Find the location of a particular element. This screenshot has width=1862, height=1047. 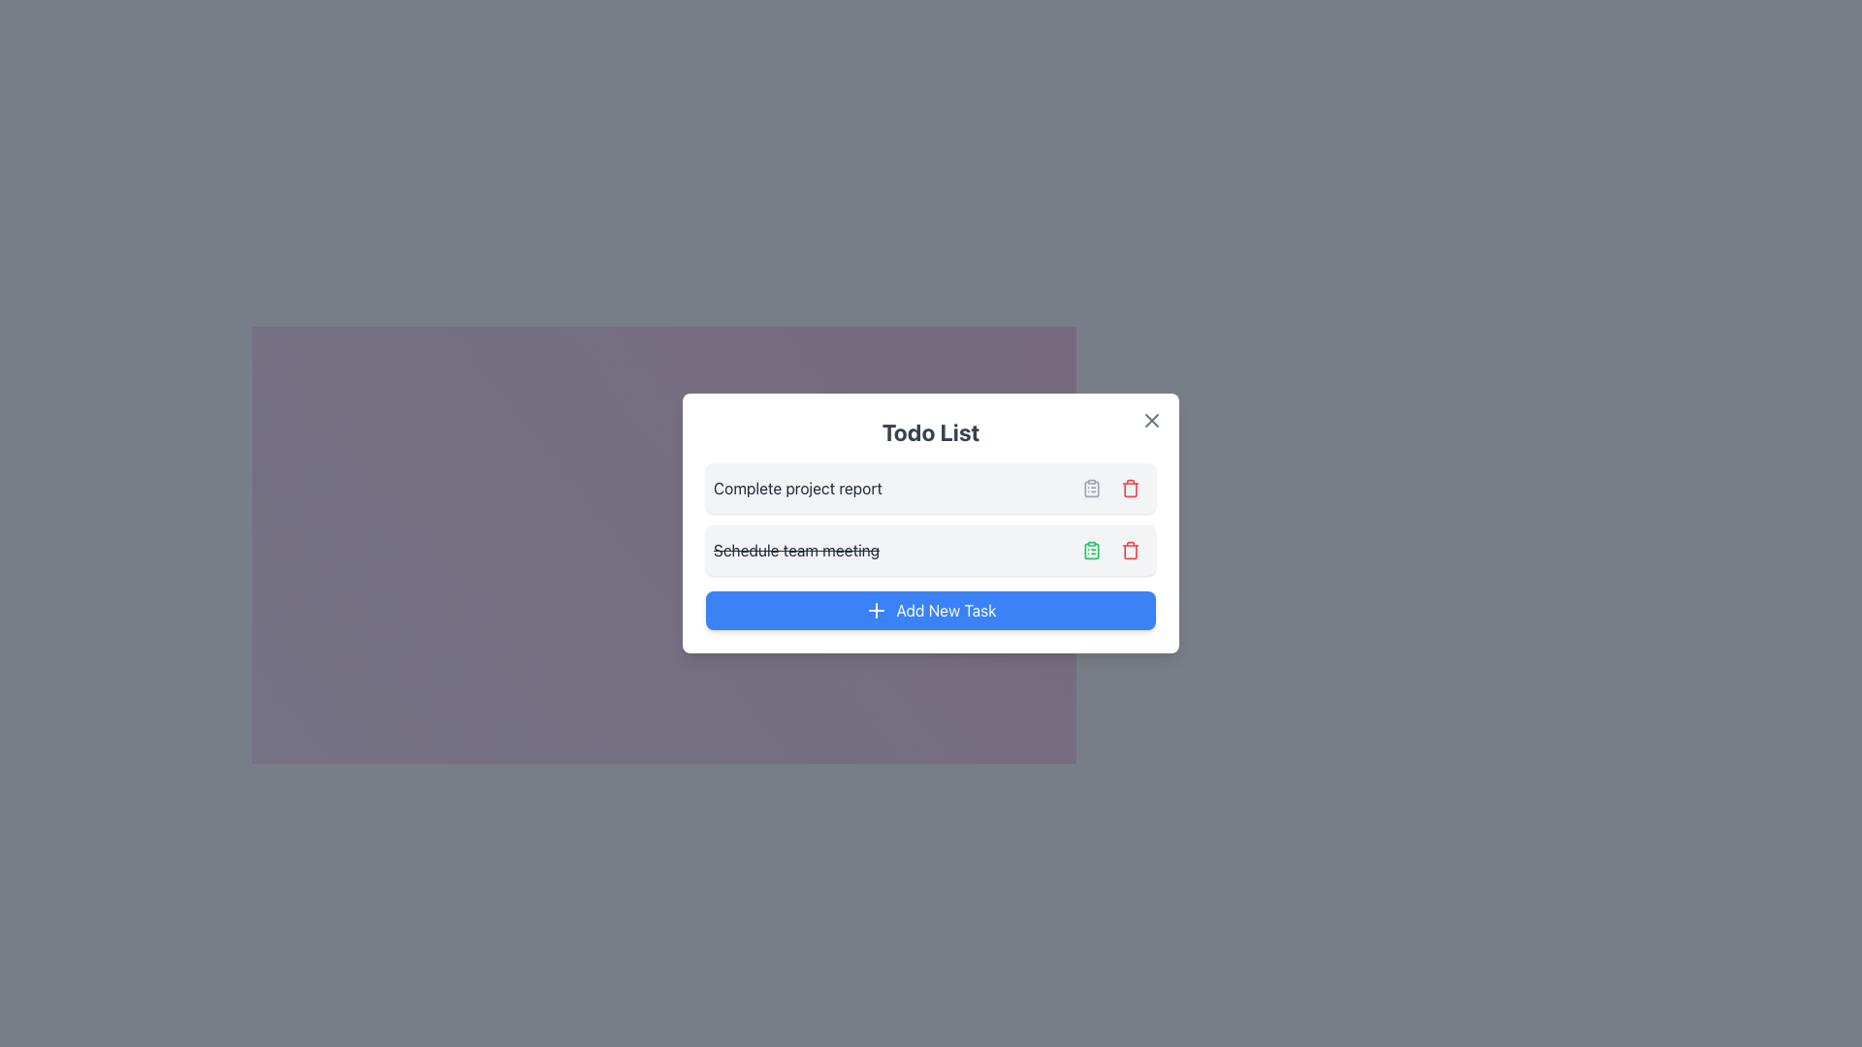

the 'Add Task' button located at the bottom center of the 'Todo List' card is located at coordinates (931, 609).